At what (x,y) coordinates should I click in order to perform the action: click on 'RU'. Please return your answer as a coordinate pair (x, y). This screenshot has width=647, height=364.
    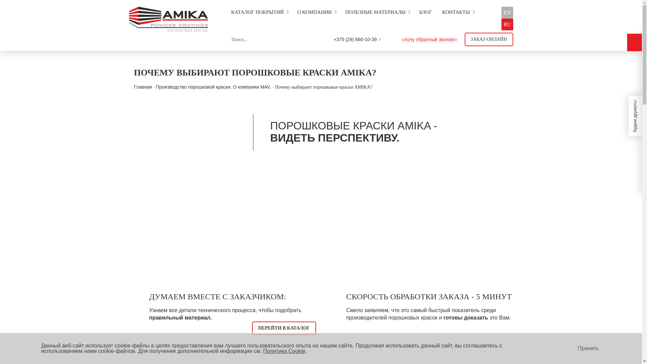
    Looking at the image, I should click on (507, 24).